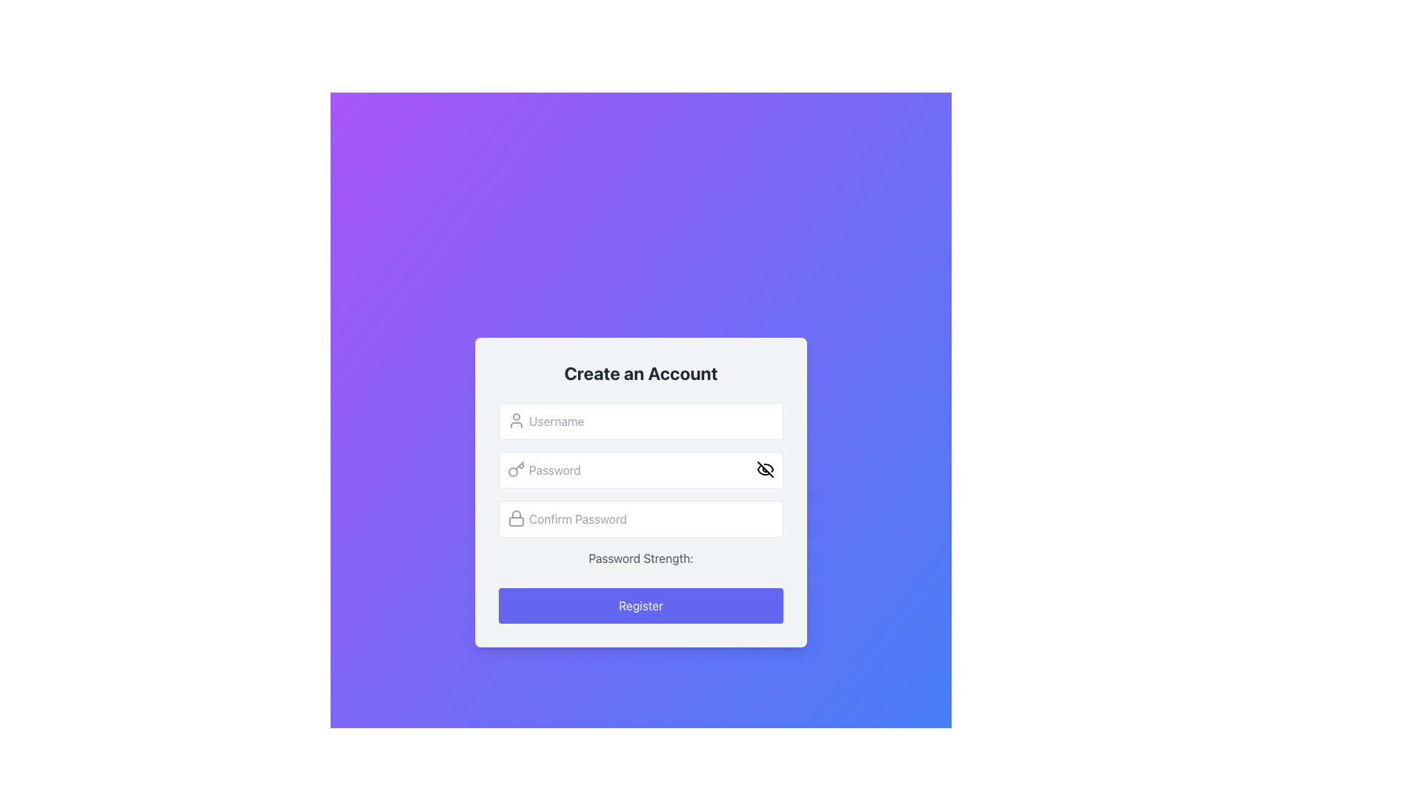  Describe the element at coordinates (640, 605) in the screenshot. I see `the 'Register' button with a vibrant indigo background to see a highlight ring` at that location.